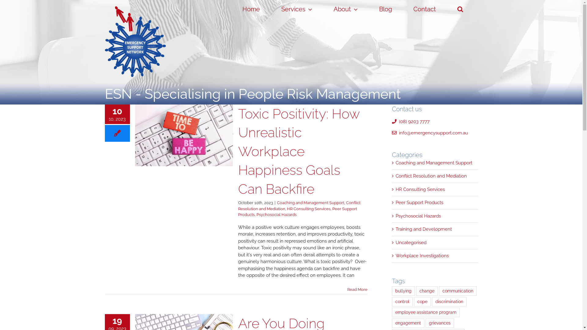 The width and height of the screenshot is (587, 330). What do you see at coordinates (460, 9) in the screenshot?
I see `'Search'` at bounding box center [460, 9].